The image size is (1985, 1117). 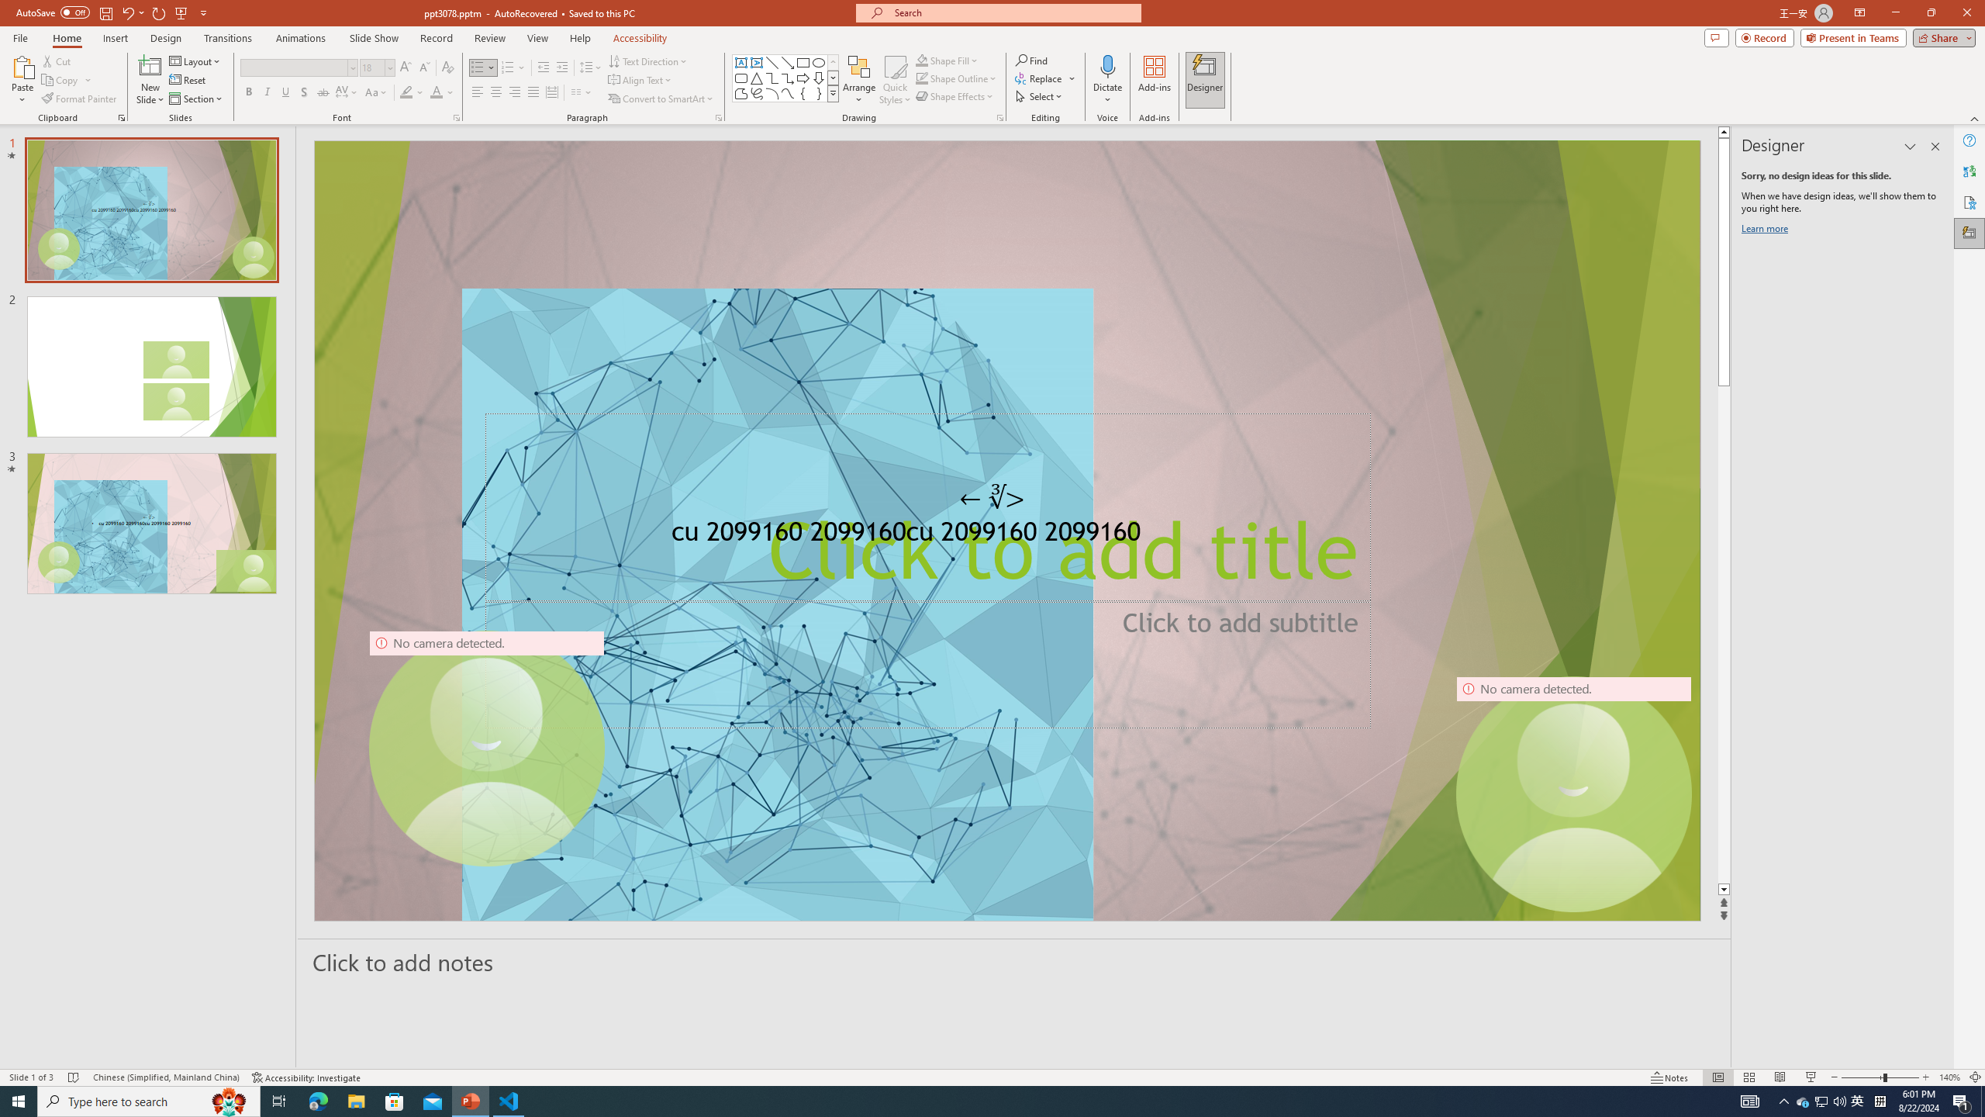 I want to click on 'Shape Outline Green, Accent 1', so click(x=922, y=77).